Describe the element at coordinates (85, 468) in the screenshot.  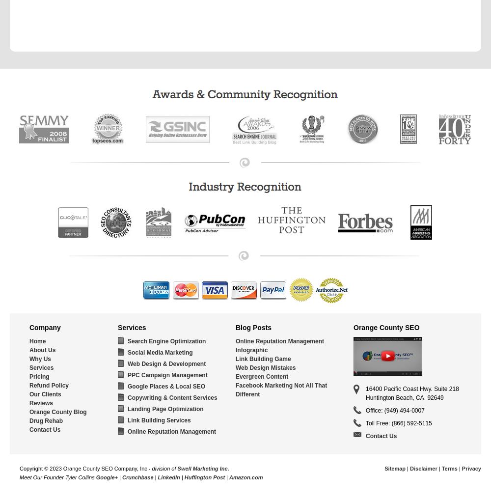
I see `'Copyright © 2023 Orange County SEO Company, Inc -'` at that location.